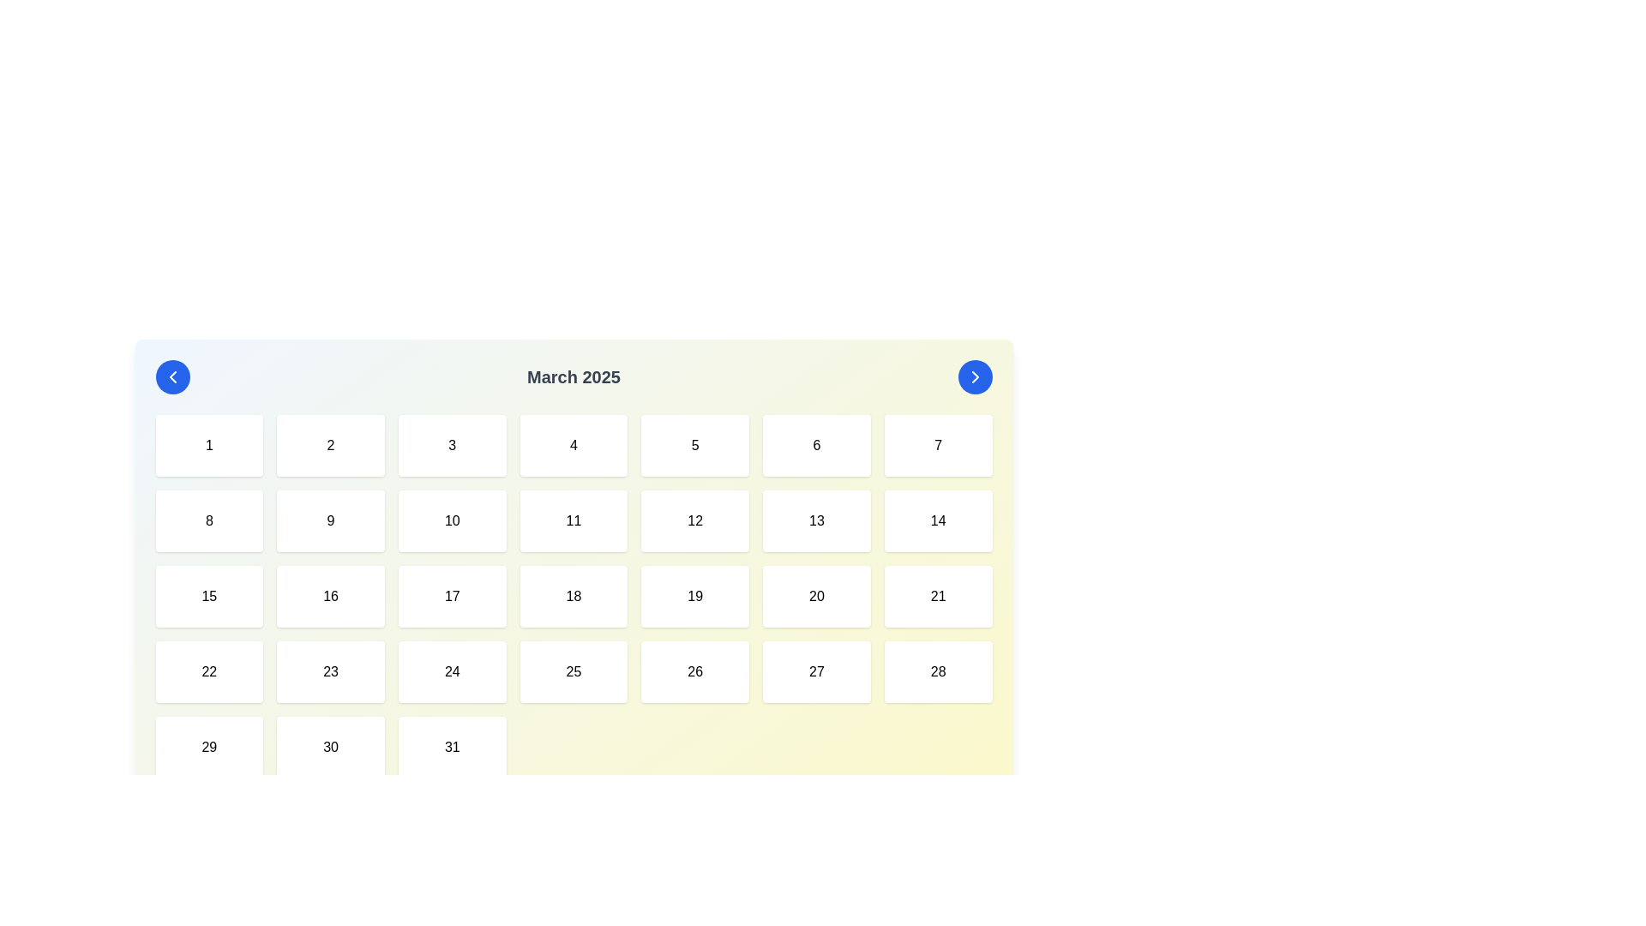 This screenshot has width=1646, height=926. I want to click on the clickable calendar day block representing the sixth day in the week view of March 2025, so click(815, 445).